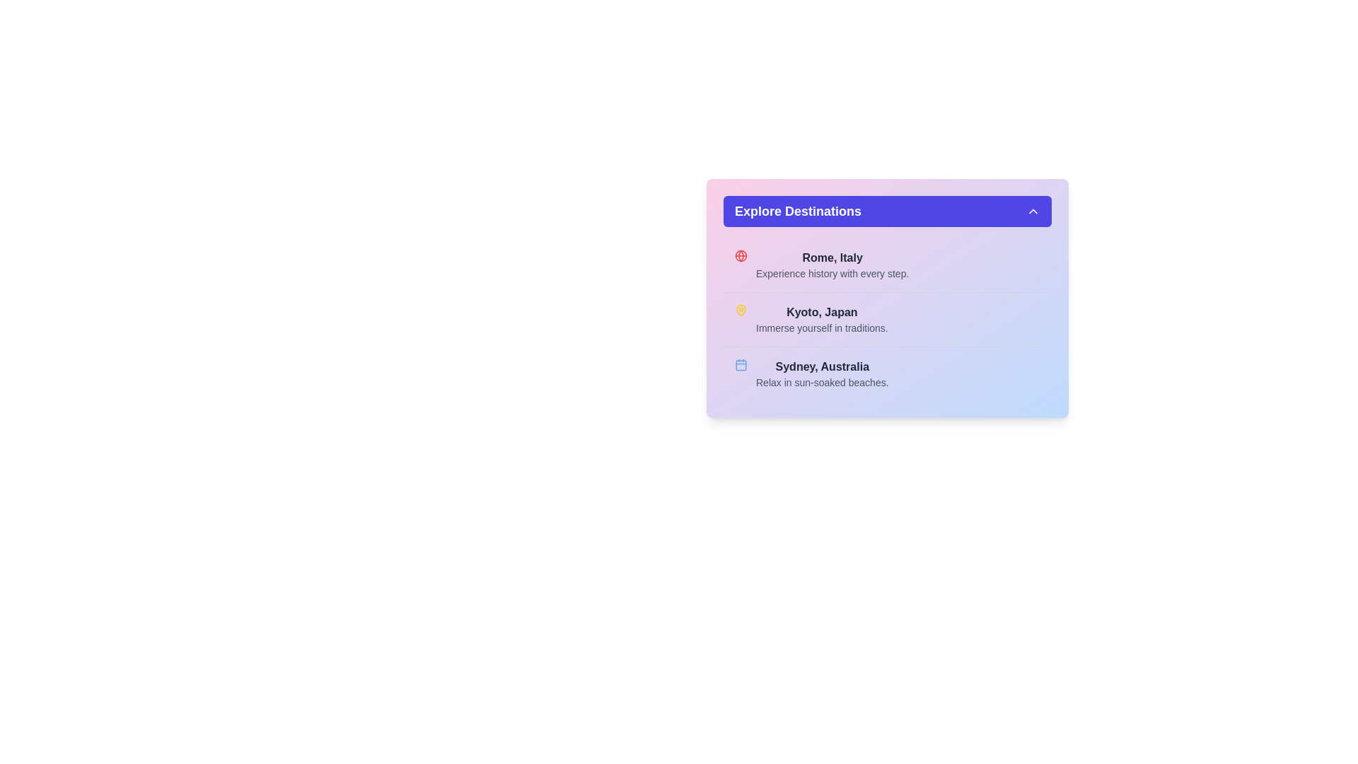 The height and width of the screenshot is (764, 1358). What do you see at coordinates (886, 265) in the screenshot?
I see `the first list item in the 'Explore Destinations' section that provides an overview of Rome, which includes an icon and text` at bounding box center [886, 265].